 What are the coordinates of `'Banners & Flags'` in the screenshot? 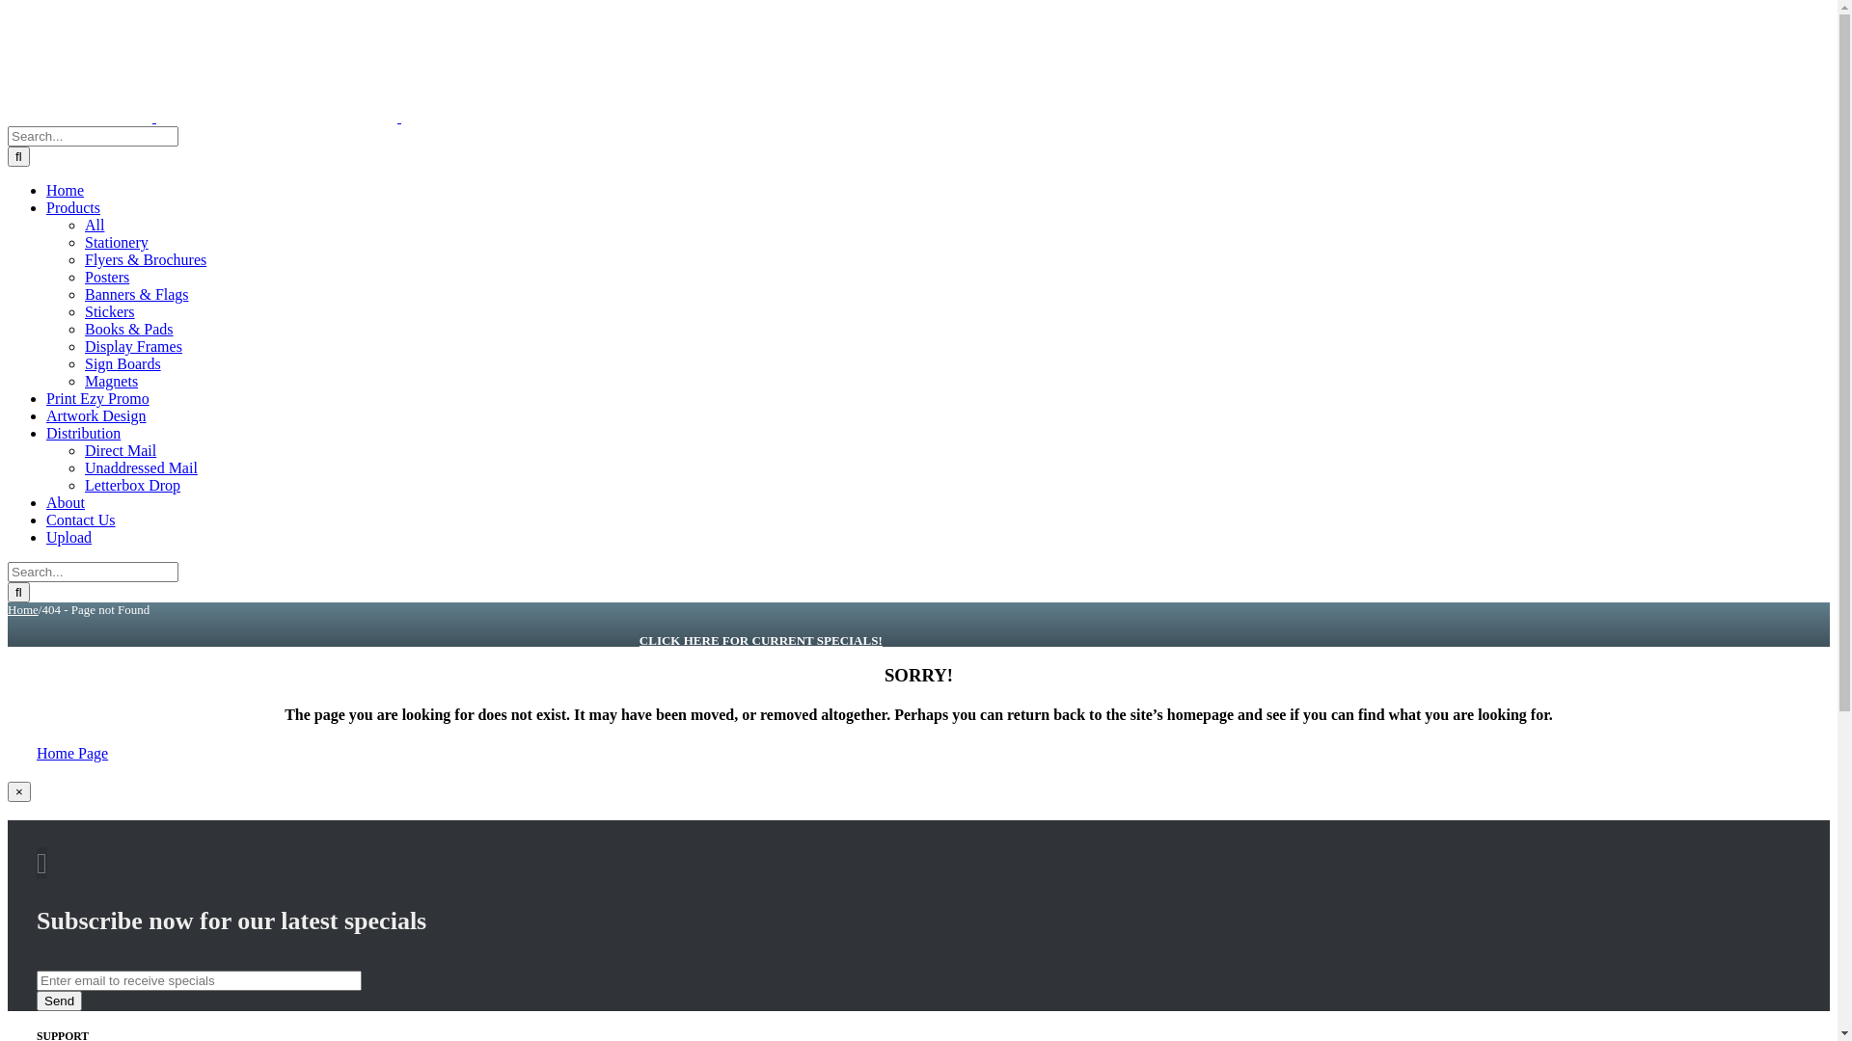 It's located at (136, 294).